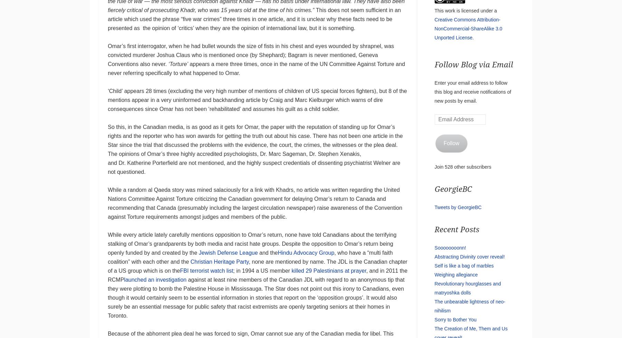  I want to click on 'Creative Commons Attribution-NonCommercial-ShareAlike 3.0 Unported License', so click(468, 28).